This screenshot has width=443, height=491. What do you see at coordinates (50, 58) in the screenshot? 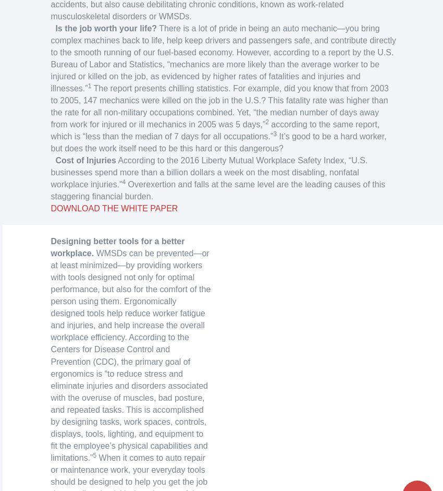
I see `'There is a lot of pride in being an auto mechanic—you bring complex machines back to life, help keep drivers and passengers safe, and contribute directly to the smooth running of our fuel-based economy. However, according to a report by the U.S. Bureau of Labor and Statistics, “mechanics are more likely than the average worker to be injured or killed on the job, as evidenced by higher rates of fatalities and injuries and illnesses.”'` at bounding box center [50, 58].